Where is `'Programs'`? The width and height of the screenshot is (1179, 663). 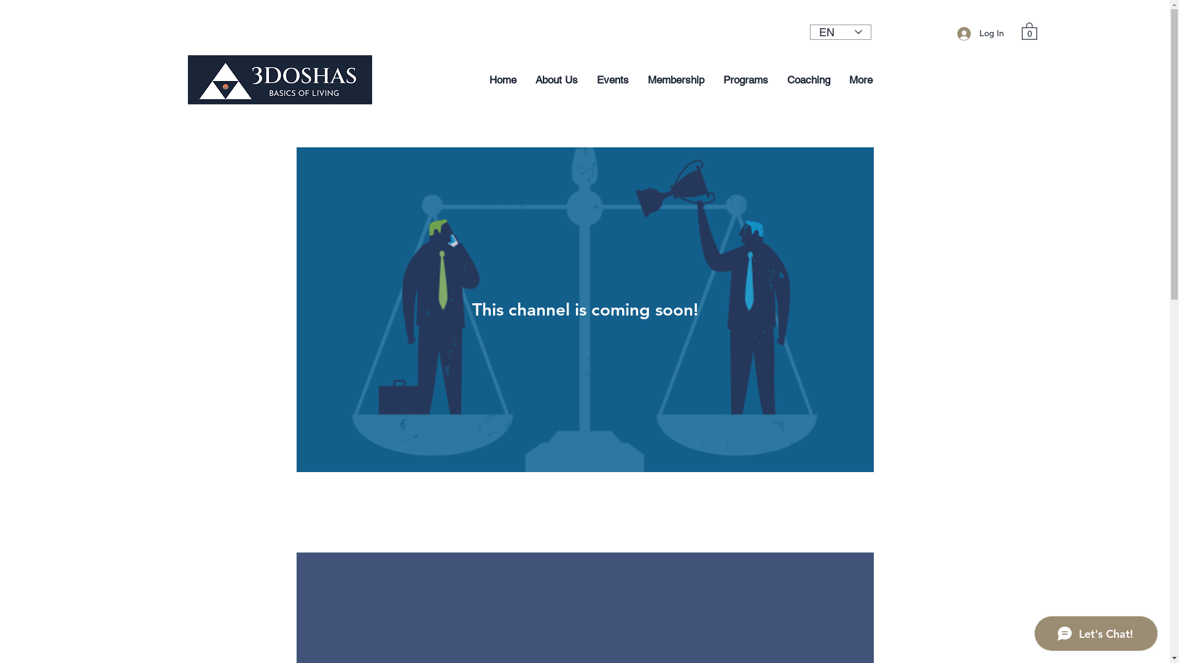
'Programs' is located at coordinates (745, 80).